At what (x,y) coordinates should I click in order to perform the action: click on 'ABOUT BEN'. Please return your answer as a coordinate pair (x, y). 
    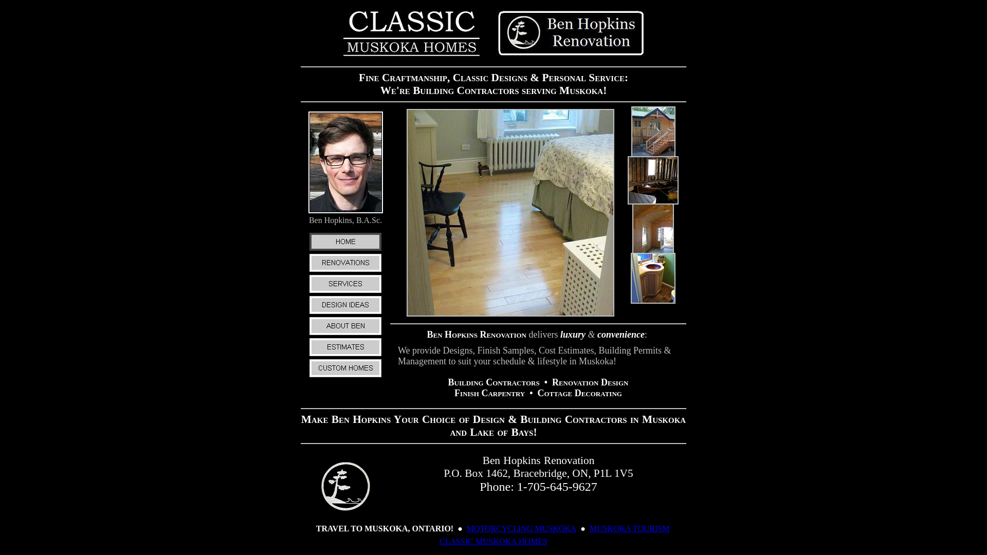
    Looking at the image, I should click on (345, 334).